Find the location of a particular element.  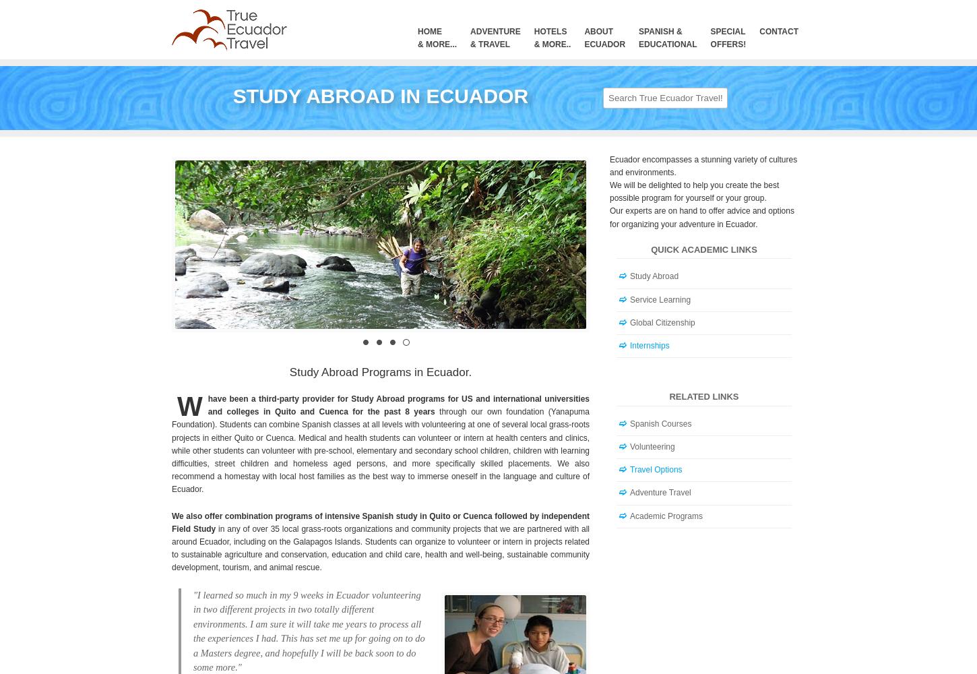

'Global Citizenship' is located at coordinates (662, 321).